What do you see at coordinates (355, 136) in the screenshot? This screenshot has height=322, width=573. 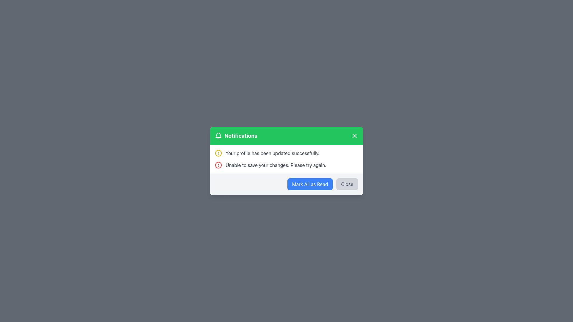 I see `the close icon located at the top-right corner of the green header section labeled 'Notifications'` at bounding box center [355, 136].